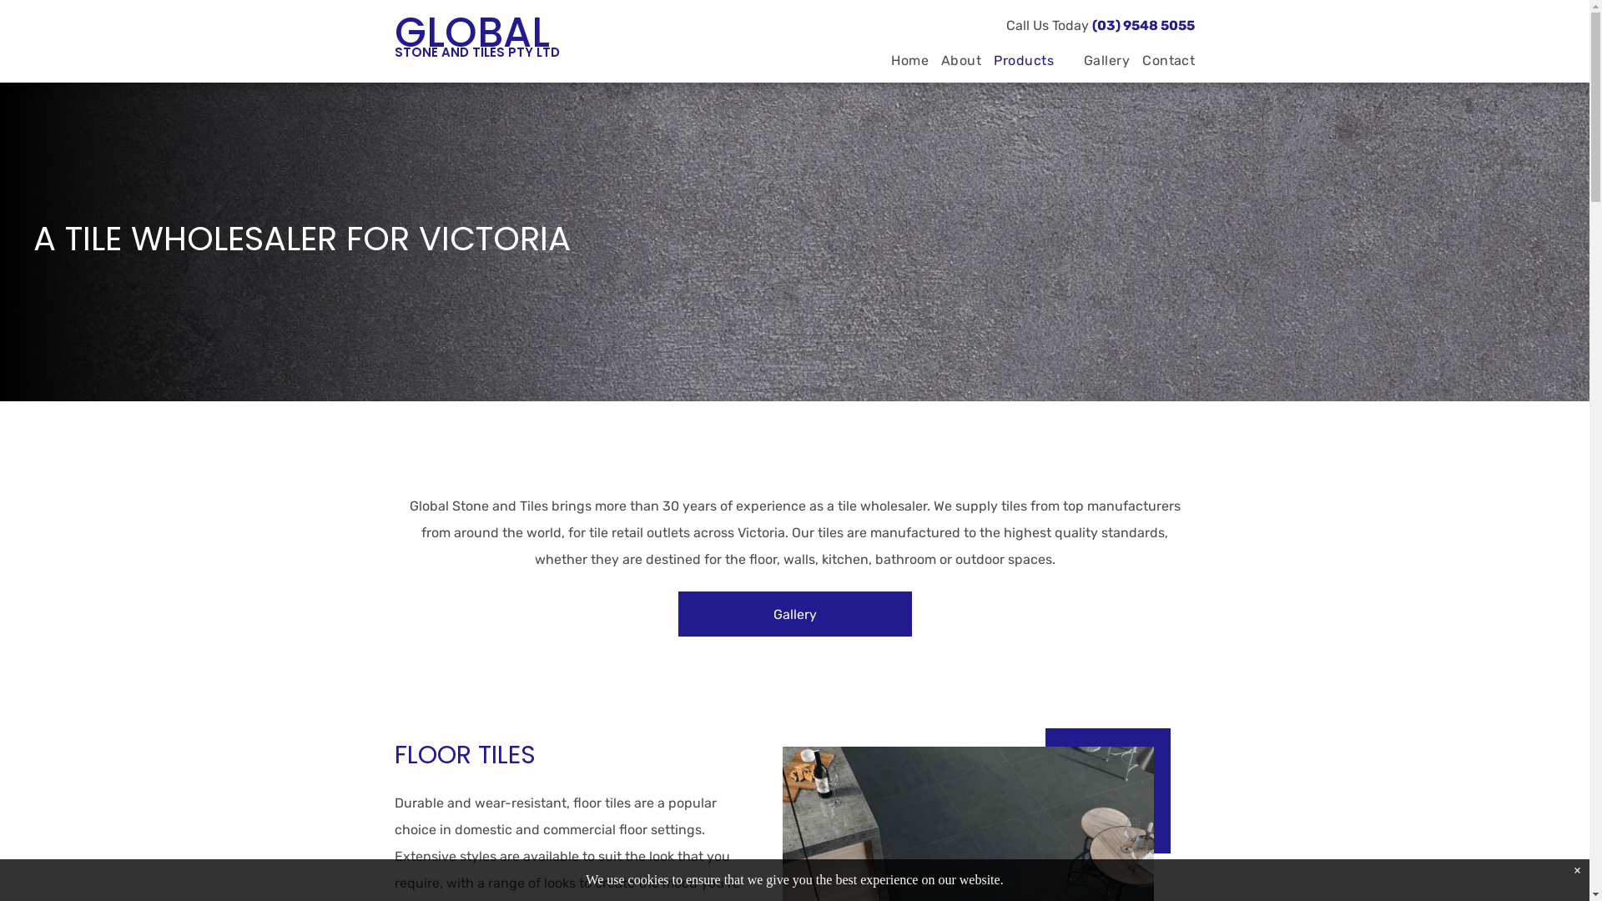 The image size is (1602, 901). I want to click on '(03) 9548 5055', so click(1142, 25).